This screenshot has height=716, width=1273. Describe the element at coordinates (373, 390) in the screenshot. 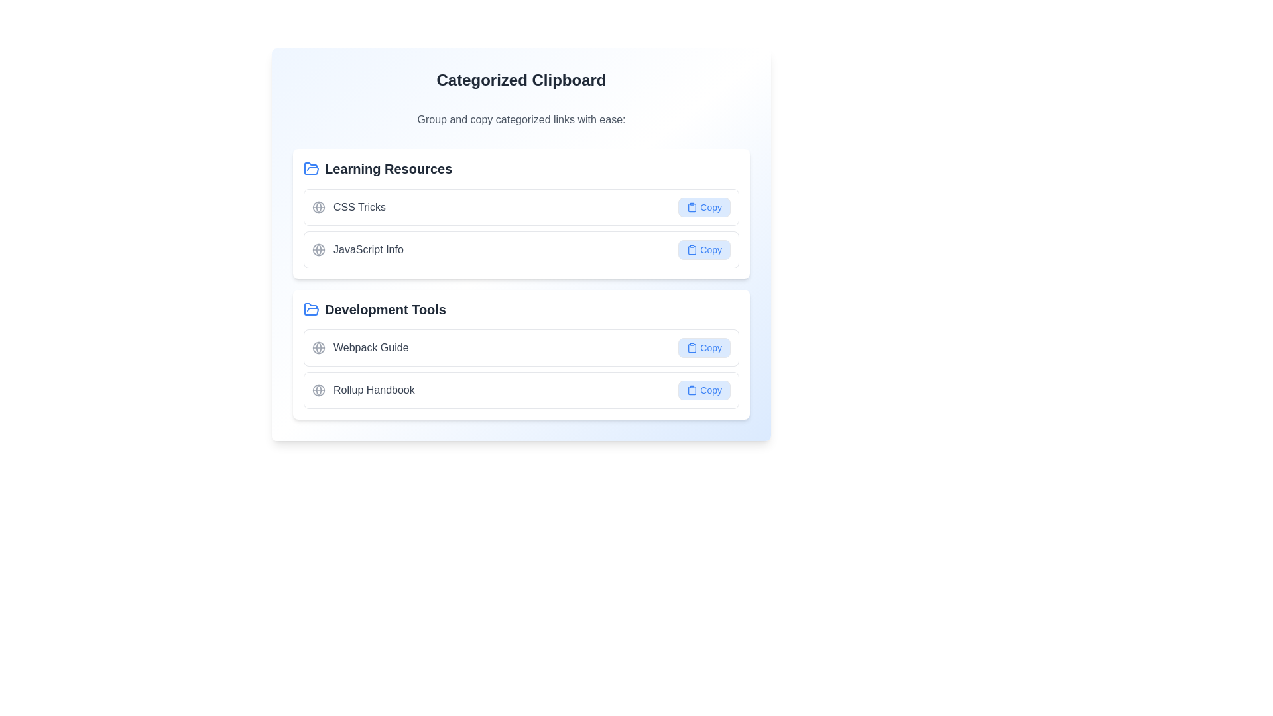

I see `the 'Rollup Handbook' text label element, which is styled in a bold font and positioned to the right of a globe icon in the 'Development Tools' section` at that location.